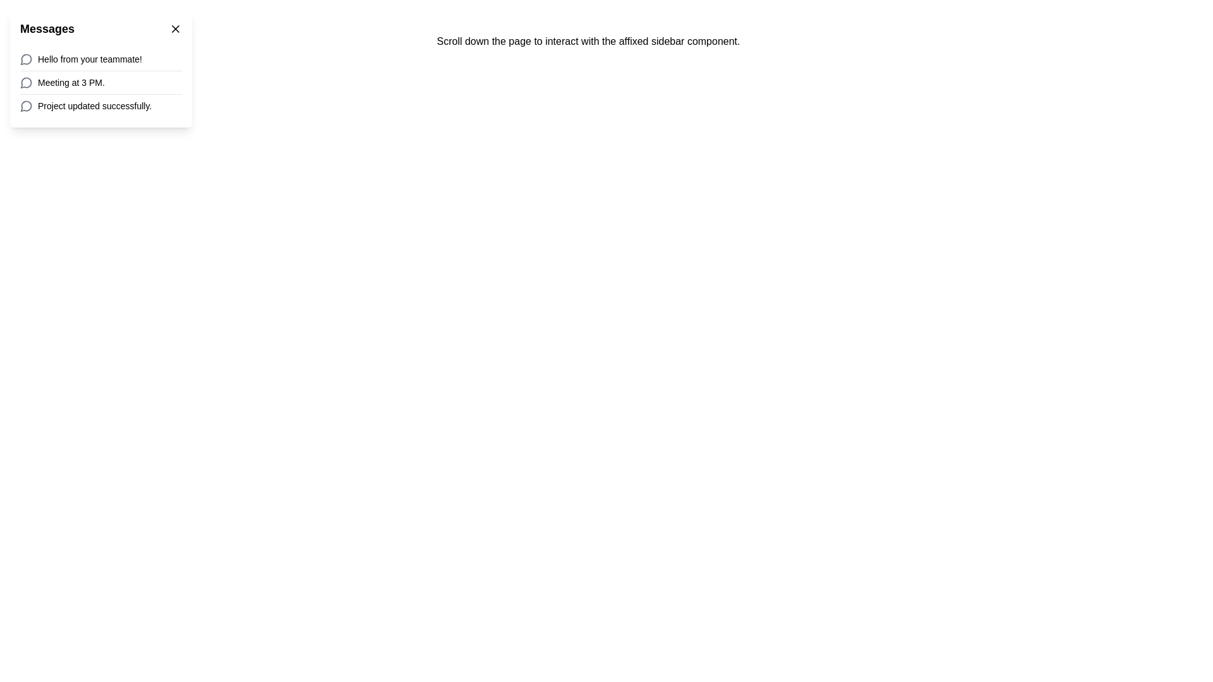 The image size is (1213, 682). Describe the element at coordinates (94, 105) in the screenshot. I see `the text label displaying 'Project updated successfully.' which is the third item in a list of messages in the sidebar, indicating a notification` at that location.